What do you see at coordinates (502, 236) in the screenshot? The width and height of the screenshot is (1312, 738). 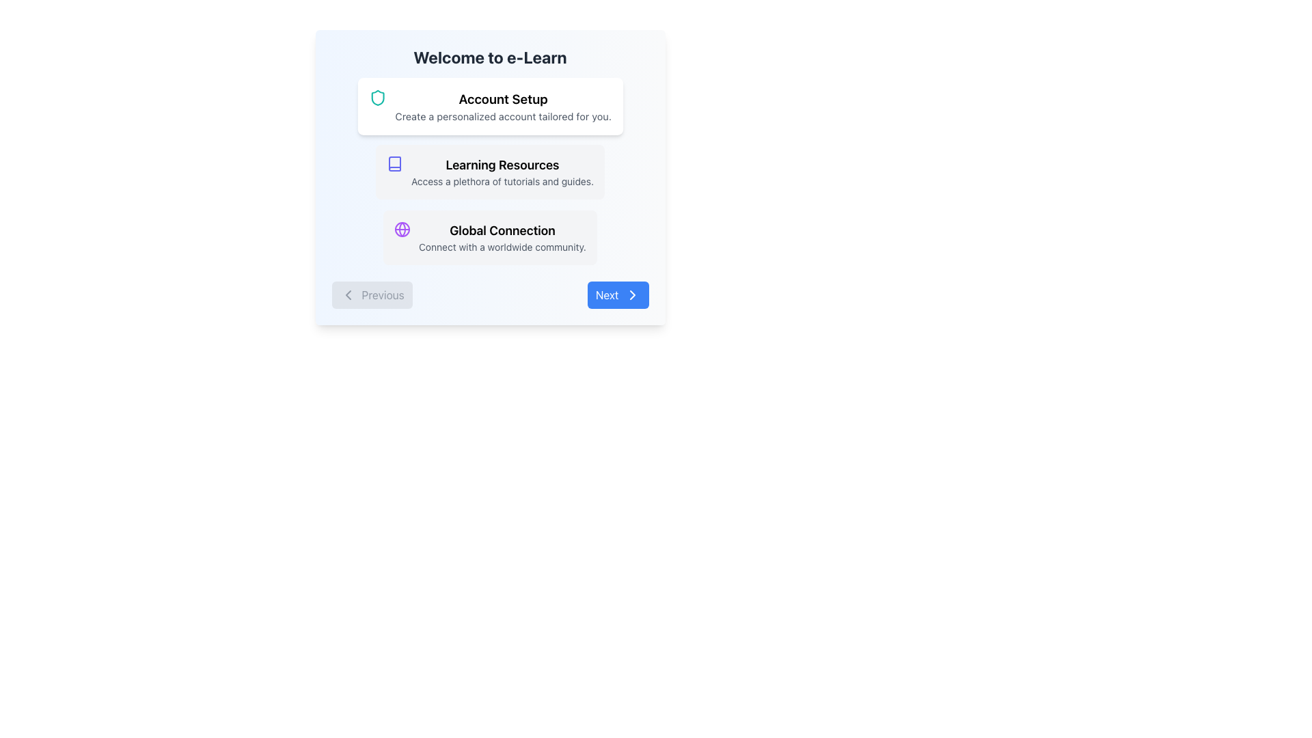 I see `text section that provides a descriptive title and subtitle about connecting with a global community, located in the lower section of the informational cards below 'Learning Resources' and above the 'Next' button` at bounding box center [502, 236].